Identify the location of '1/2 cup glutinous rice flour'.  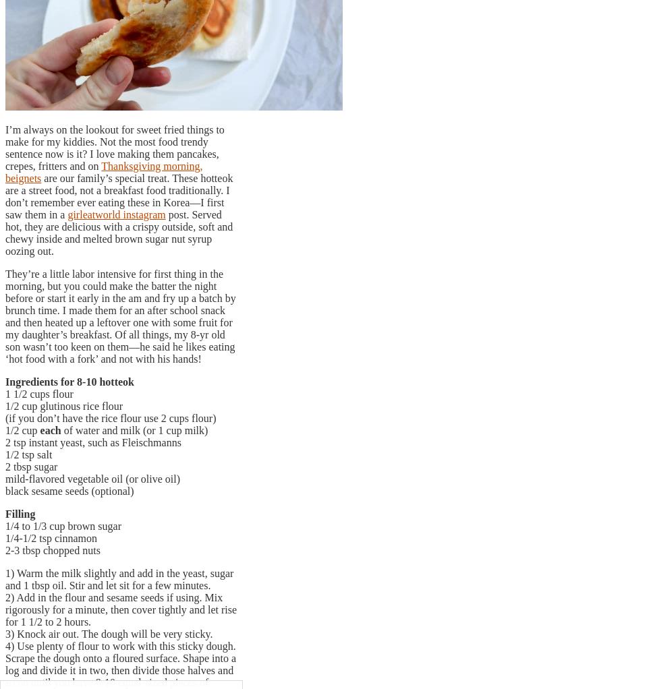
(63, 405).